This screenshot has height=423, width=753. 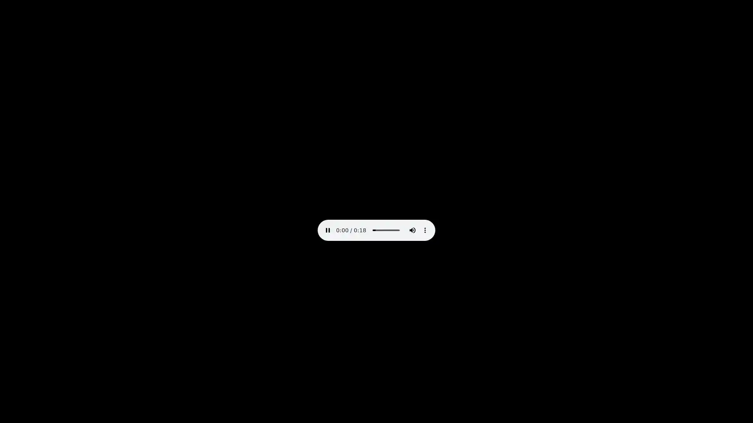 I want to click on show more media controls, so click(x=425, y=230).